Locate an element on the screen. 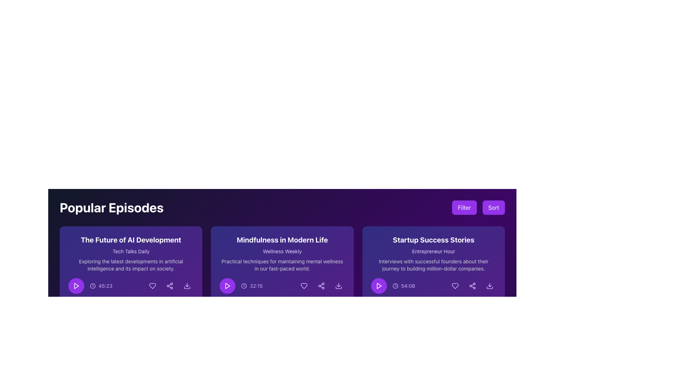 The width and height of the screenshot is (691, 388). the text block that provides a brief description of the podcast episode under the 'Popular Episodes' section, specifically the third text element under 'The Future of AI Development' is located at coordinates (131, 265).